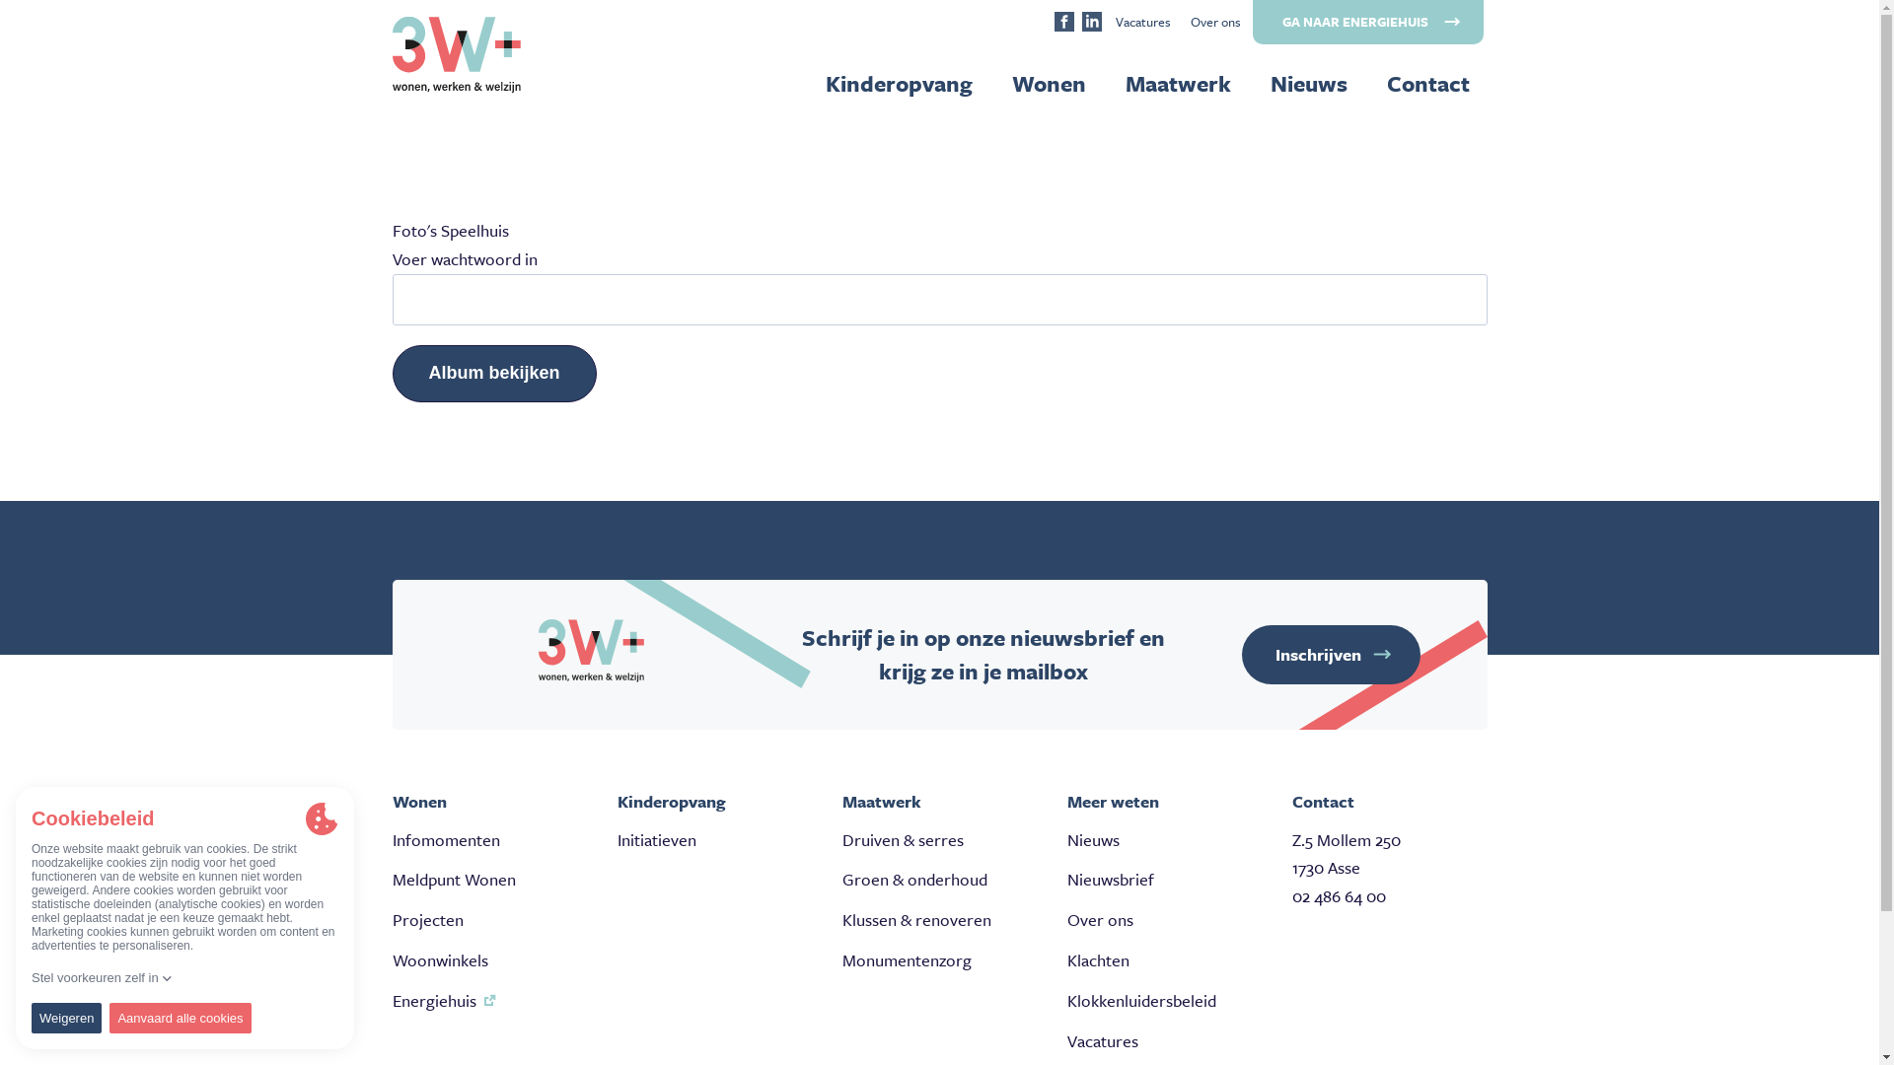  I want to click on 'Initiatieven', so click(657, 839).